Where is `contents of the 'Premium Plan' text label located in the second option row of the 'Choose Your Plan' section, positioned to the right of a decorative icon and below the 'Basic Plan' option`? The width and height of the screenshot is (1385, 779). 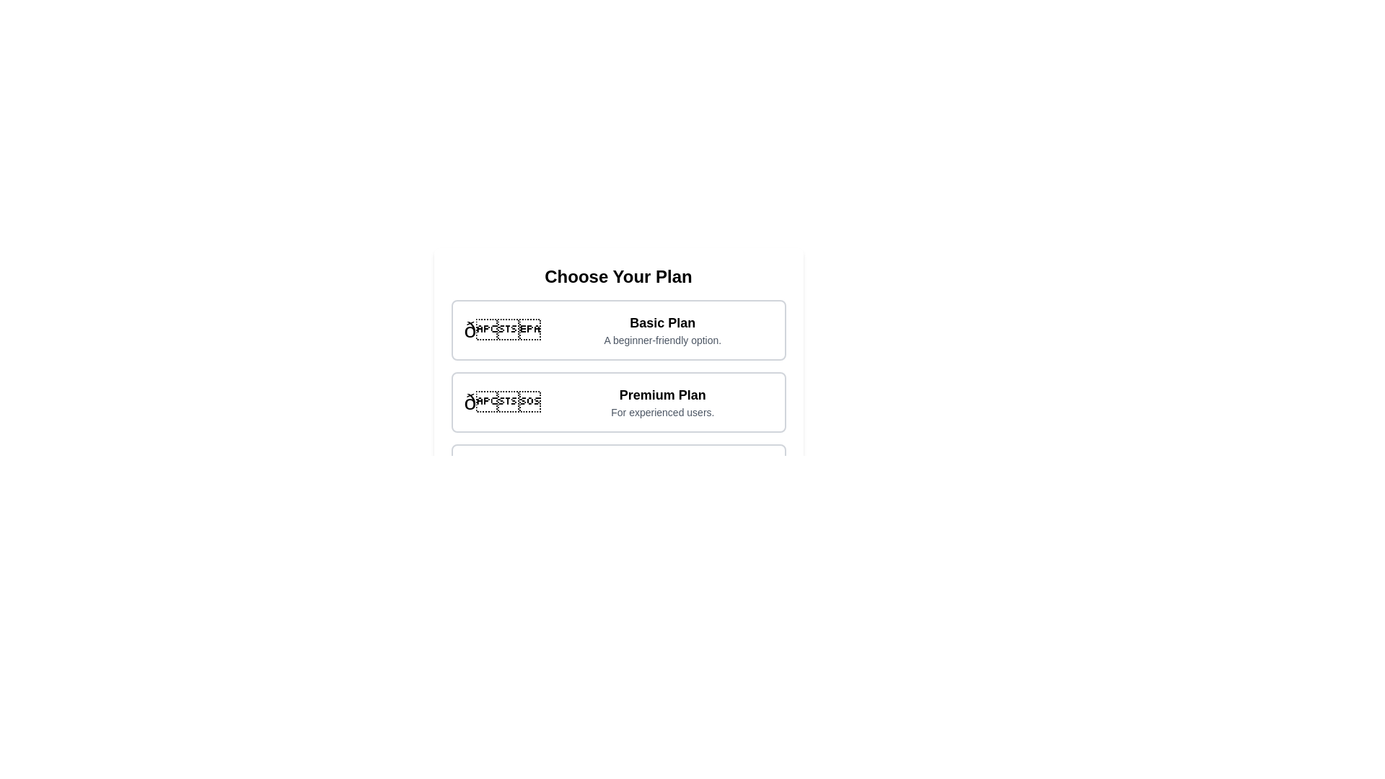 contents of the 'Premium Plan' text label located in the second option row of the 'Choose Your Plan' section, positioned to the right of a decorative icon and below the 'Basic Plan' option is located at coordinates (661, 402).